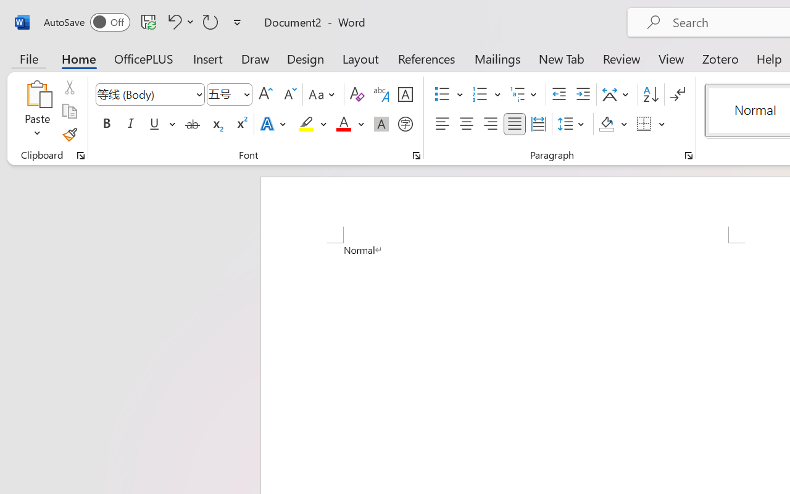 This screenshot has width=790, height=494. I want to click on 'Paste', so click(37, 93).